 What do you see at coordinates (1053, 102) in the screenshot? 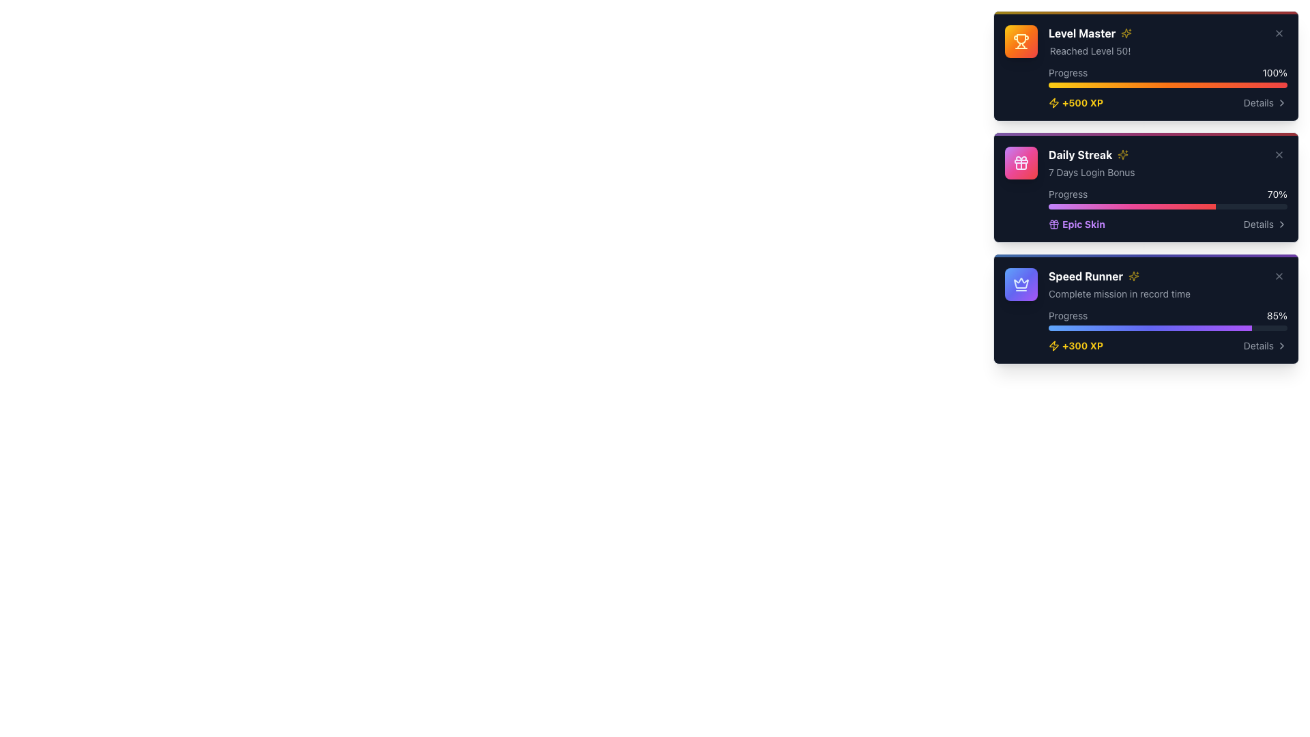
I see `the XP icon that emphasizes the '+500 XP' value, located on the first card in the right-hand section of the interface` at bounding box center [1053, 102].